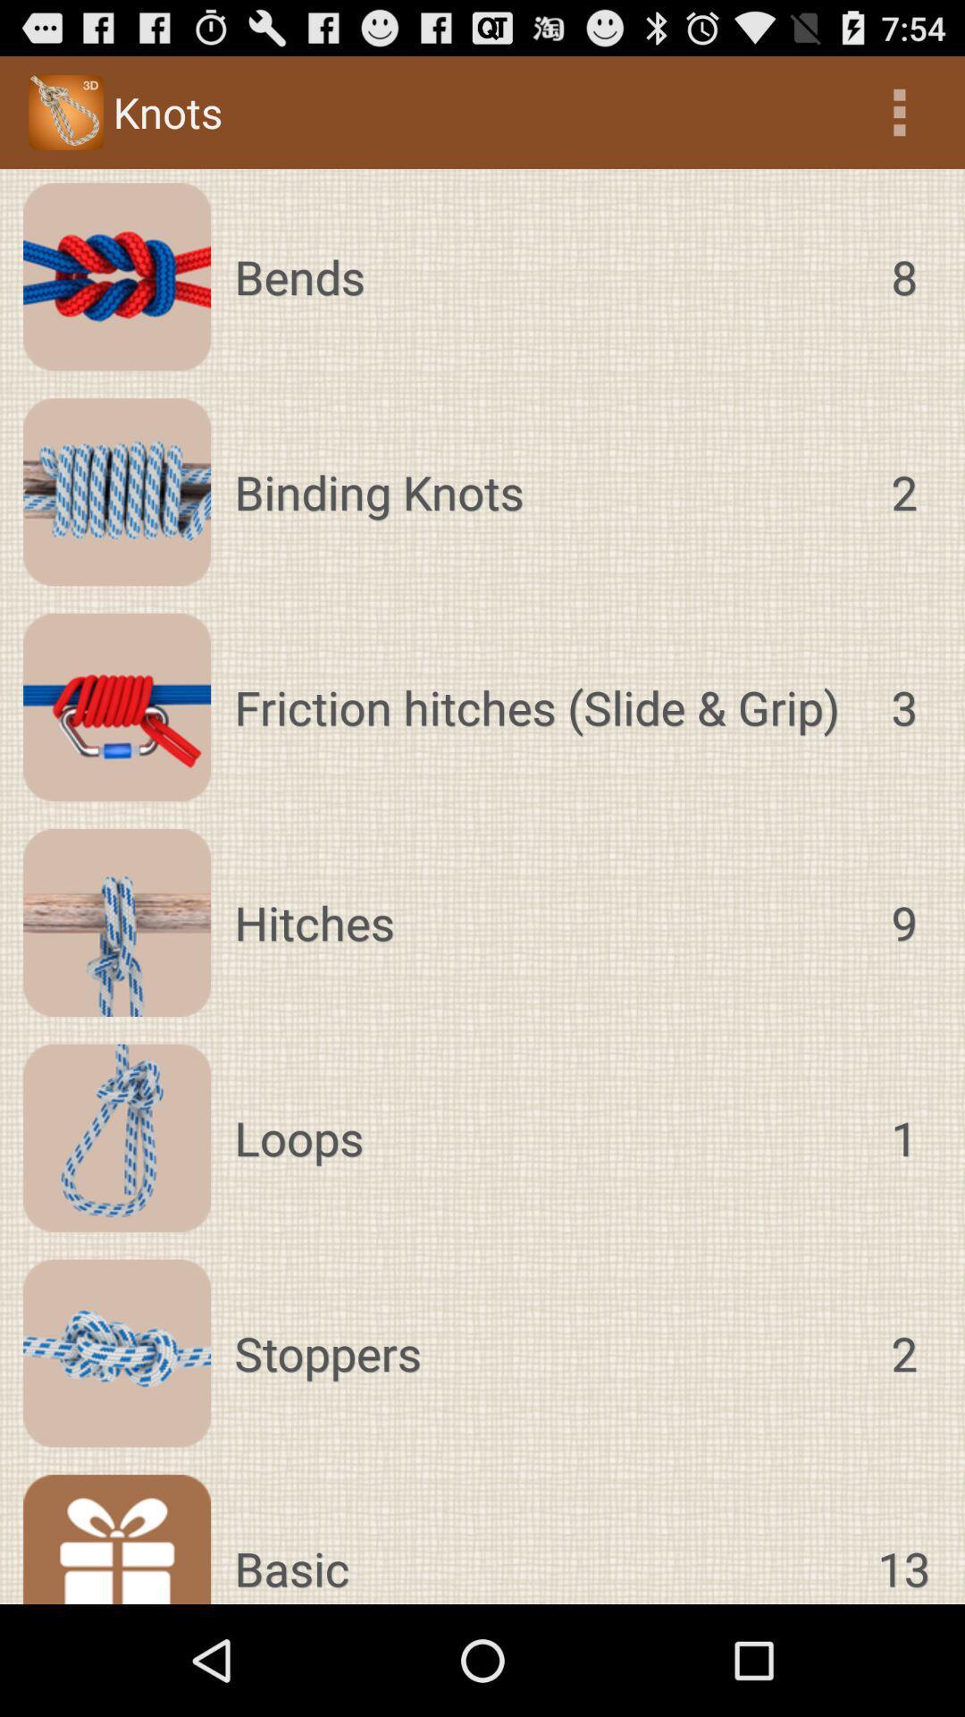 The height and width of the screenshot is (1717, 965). I want to click on app next to loops app, so click(903, 1137).